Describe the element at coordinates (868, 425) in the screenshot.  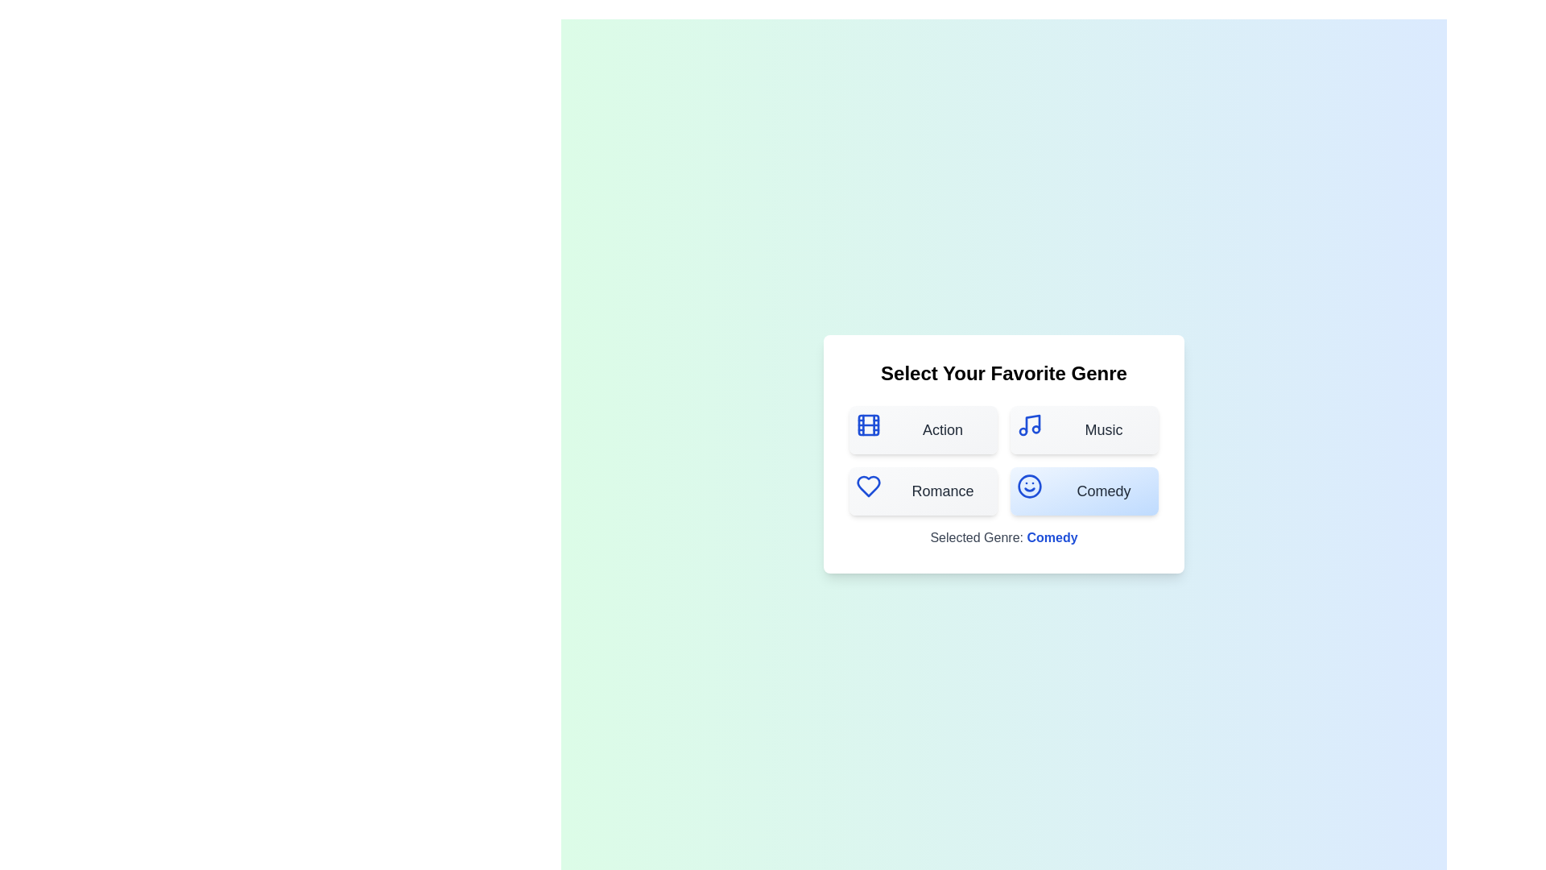
I see `the decorative graphical rectangle with rounded corners that has a bold blue outline, which serves as the background of the film-themed icon located to the left of the text label 'Action'` at that location.